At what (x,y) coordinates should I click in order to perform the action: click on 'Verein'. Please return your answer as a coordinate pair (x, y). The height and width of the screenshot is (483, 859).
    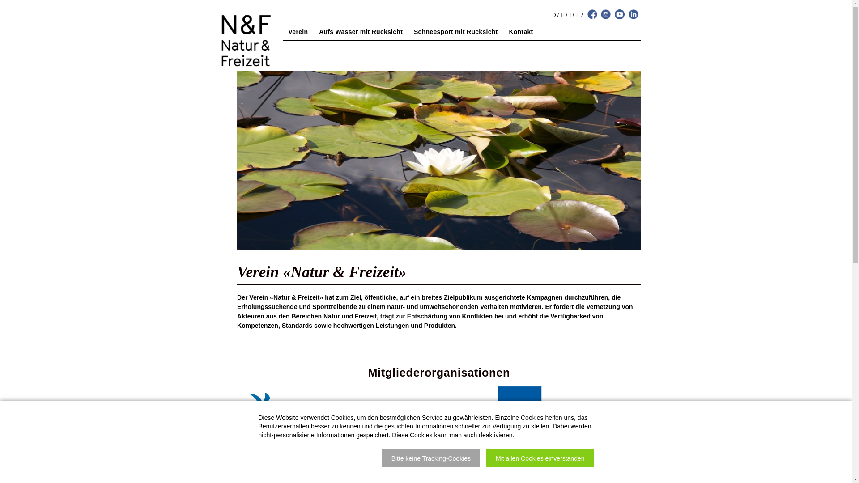
    Looking at the image, I should click on (298, 32).